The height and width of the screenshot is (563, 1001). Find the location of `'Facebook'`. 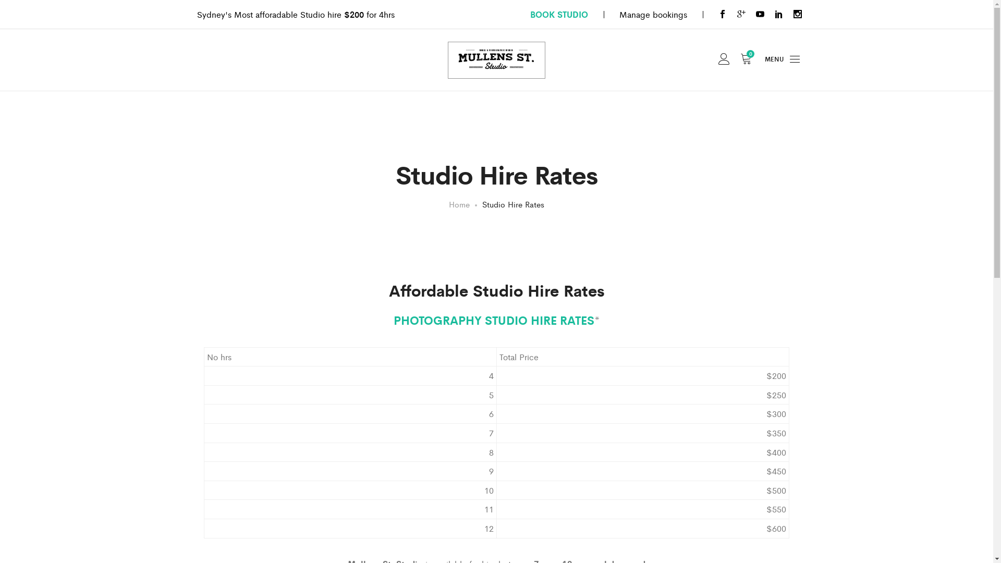

'Facebook' is located at coordinates (722, 14).